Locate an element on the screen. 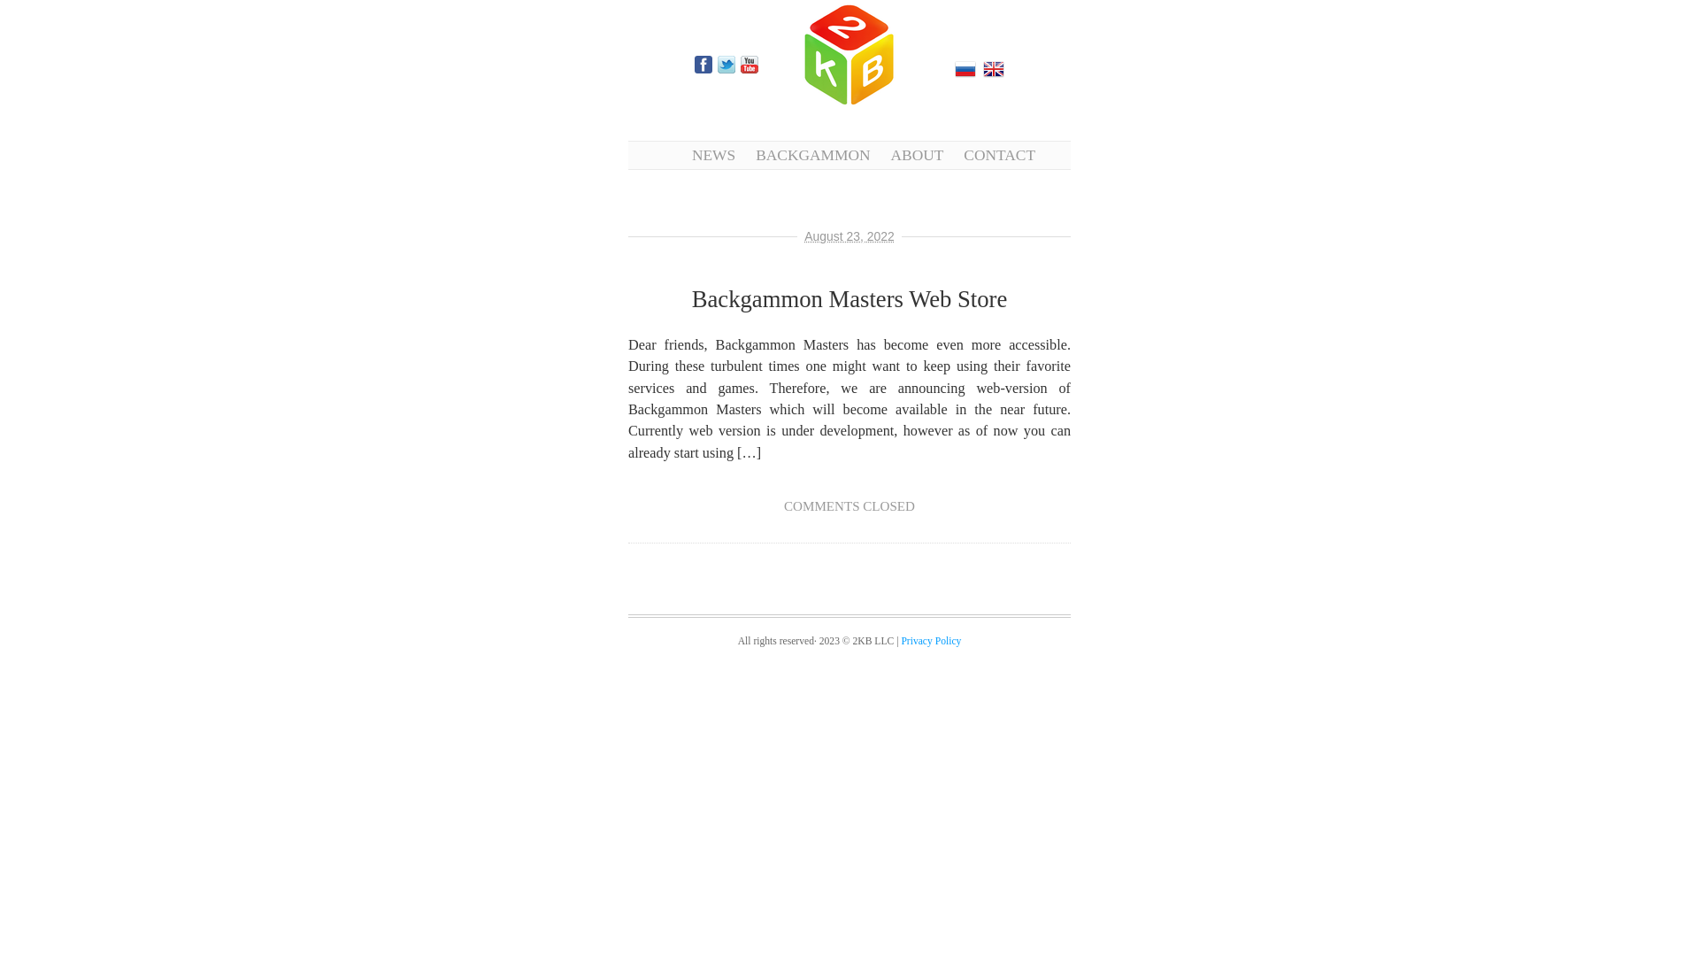 The width and height of the screenshot is (1699, 956). 'Backgammon Masters Web Store' is located at coordinates (849, 298).